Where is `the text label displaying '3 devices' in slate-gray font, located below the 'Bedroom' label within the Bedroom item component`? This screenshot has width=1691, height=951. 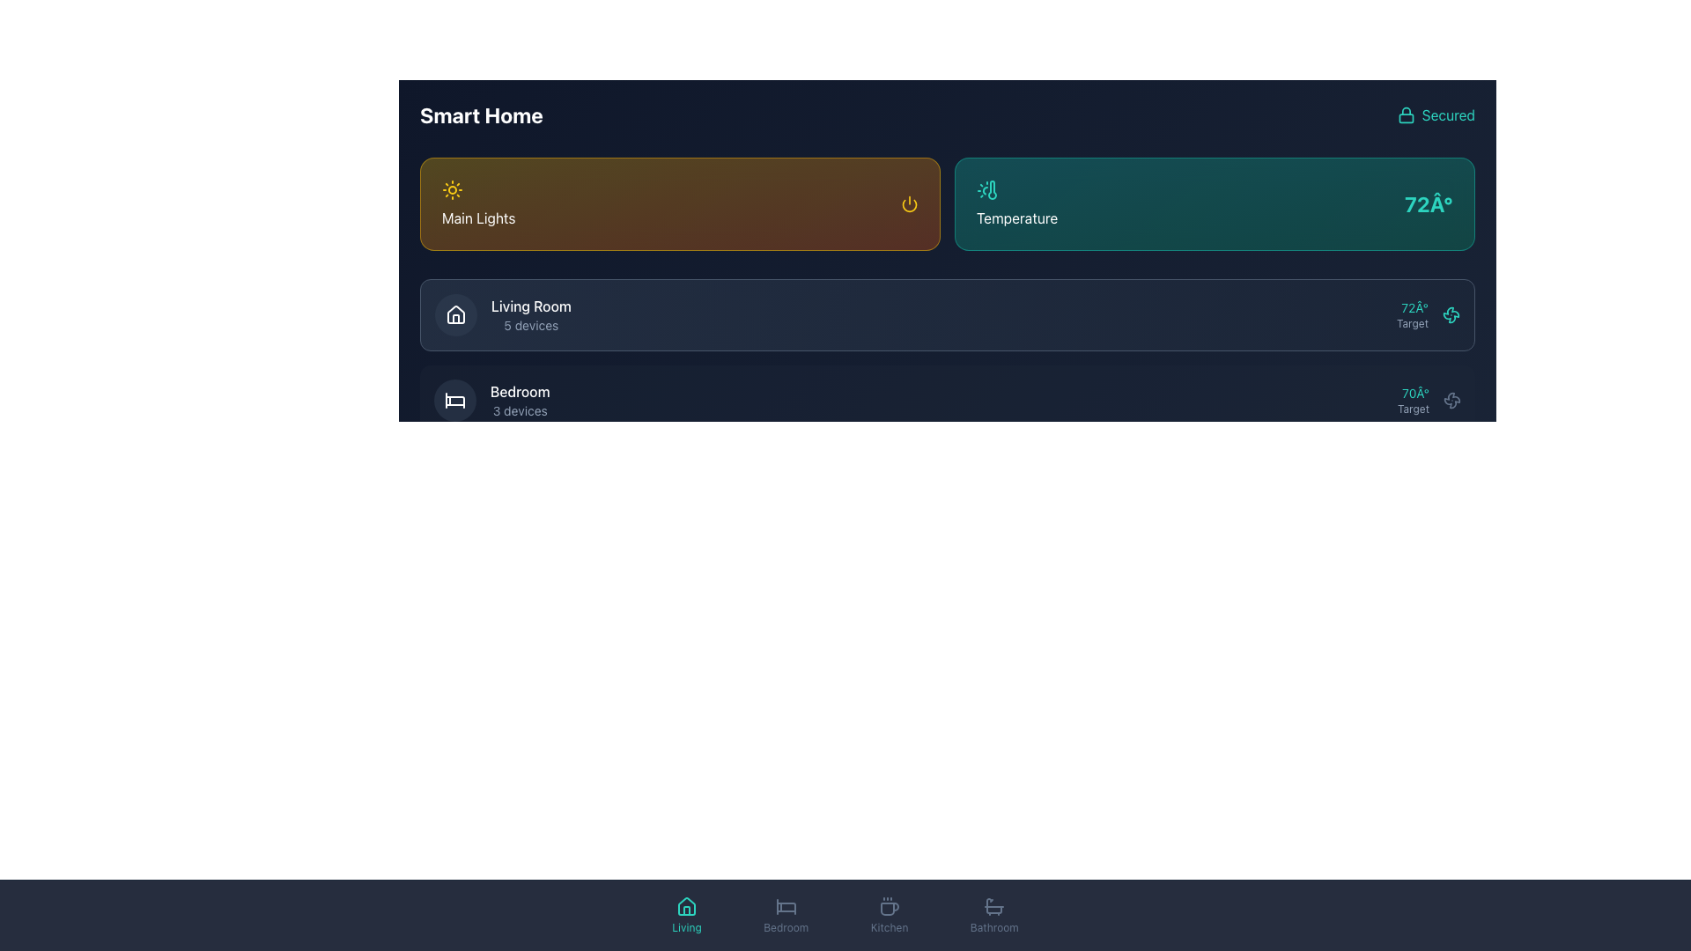
the text label displaying '3 devices' in slate-gray font, located below the 'Bedroom' label within the Bedroom item component is located at coordinates (519, 410).